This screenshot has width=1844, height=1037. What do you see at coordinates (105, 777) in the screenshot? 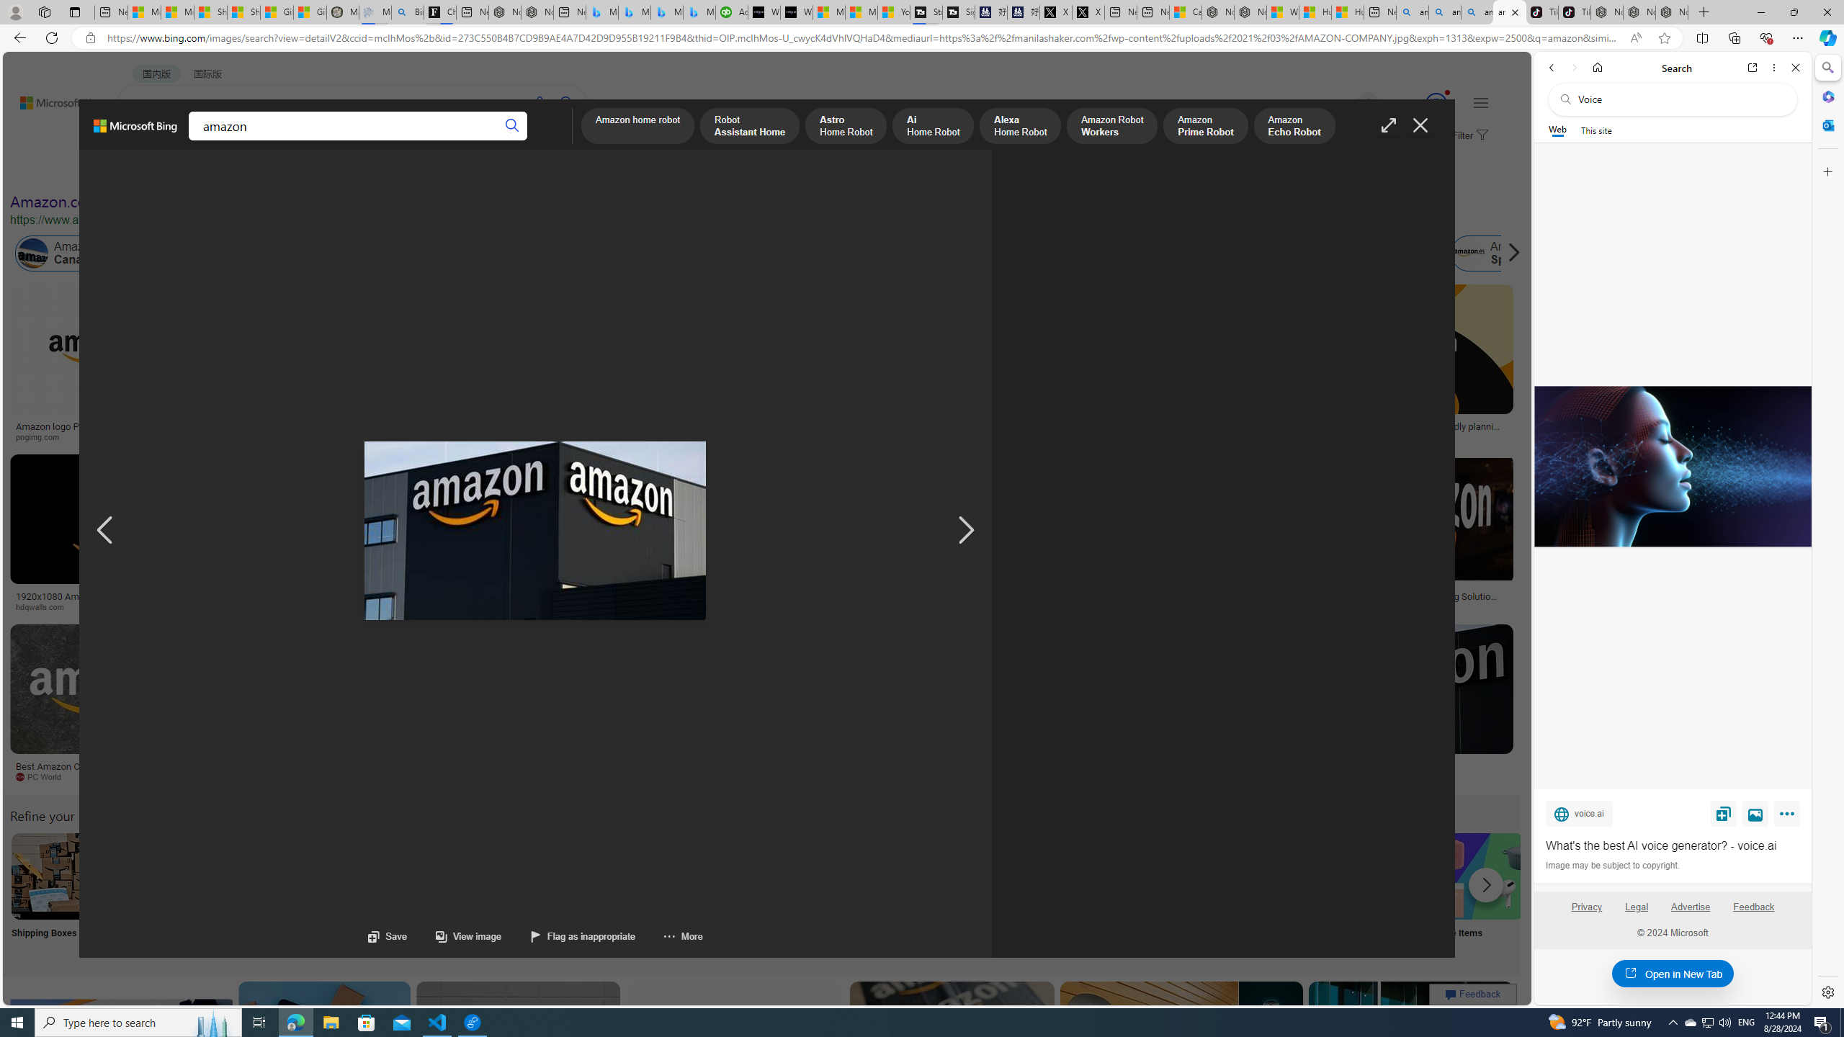
I see `'PC World'` at bounding box center [105, 777].